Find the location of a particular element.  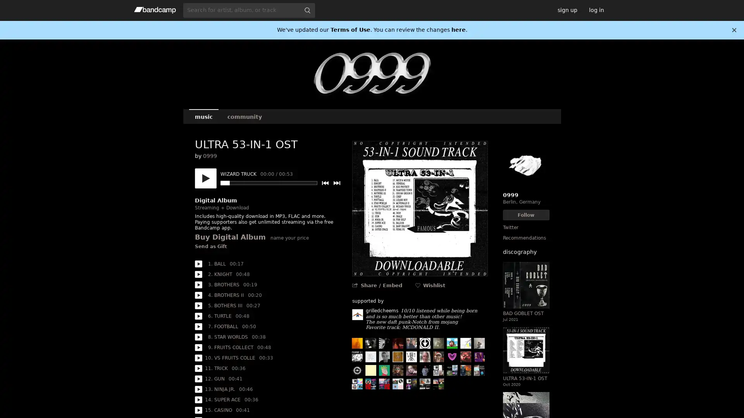

Play BALL is located at coordinates (198, 264).